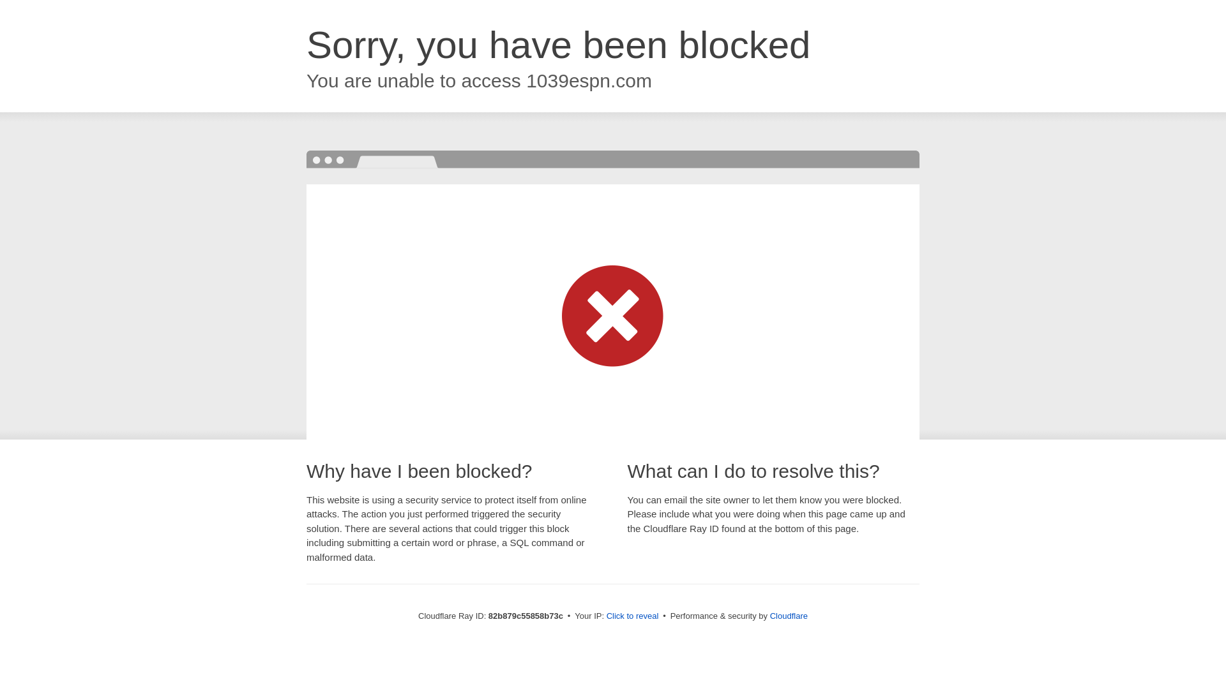  What do you see at coordinates (632, 615) in the screenshot?
I see `'Click to reveal'` at bounding box center [632, 615].